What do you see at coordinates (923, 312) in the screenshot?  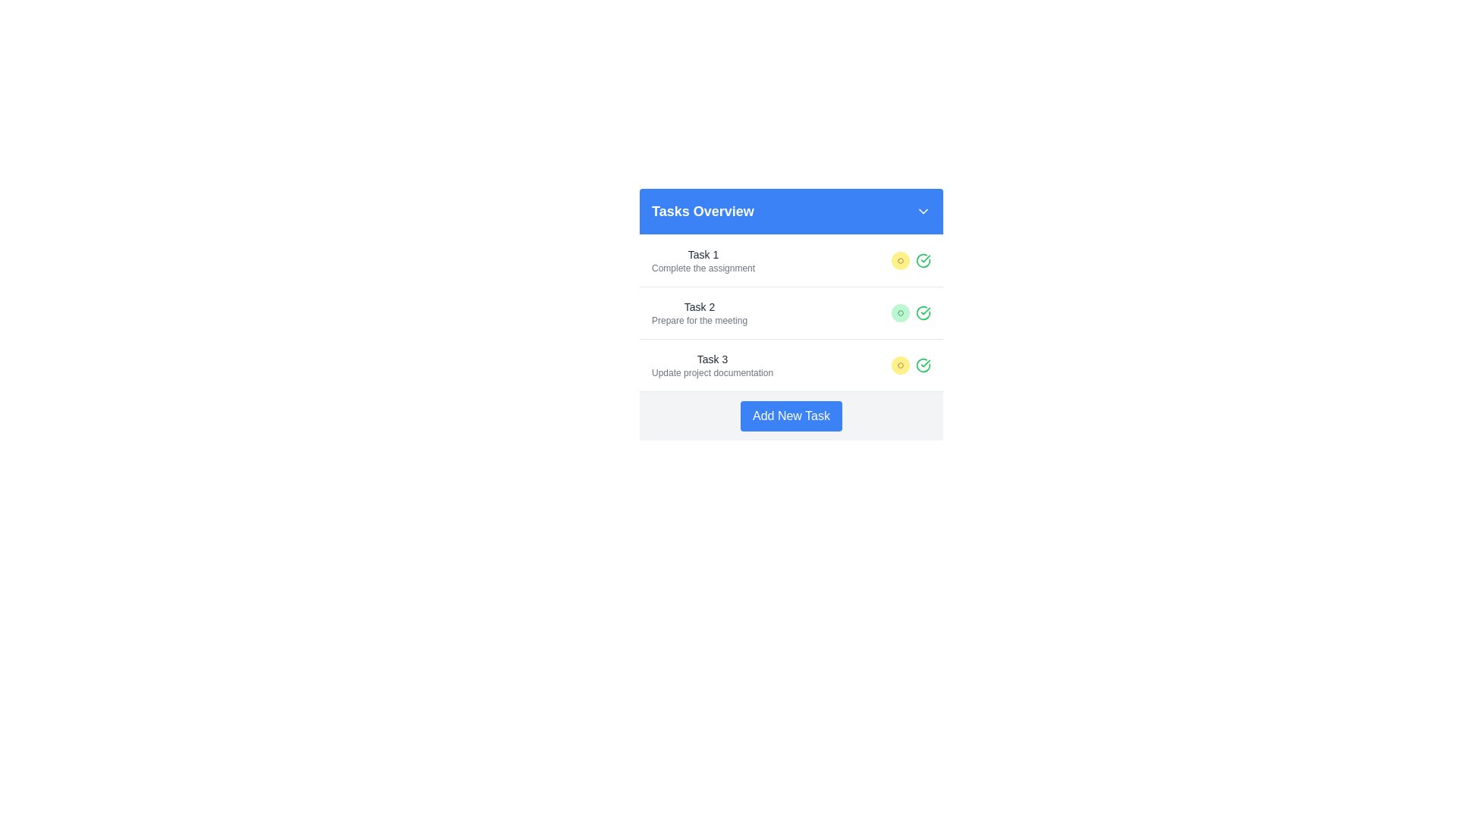 I see `the green circular icon with a checkmark that signifies completion, located to the right of 'Prepare for the meeting' in the 'Task 2' row of the task list` at bounding box center [923, 312].